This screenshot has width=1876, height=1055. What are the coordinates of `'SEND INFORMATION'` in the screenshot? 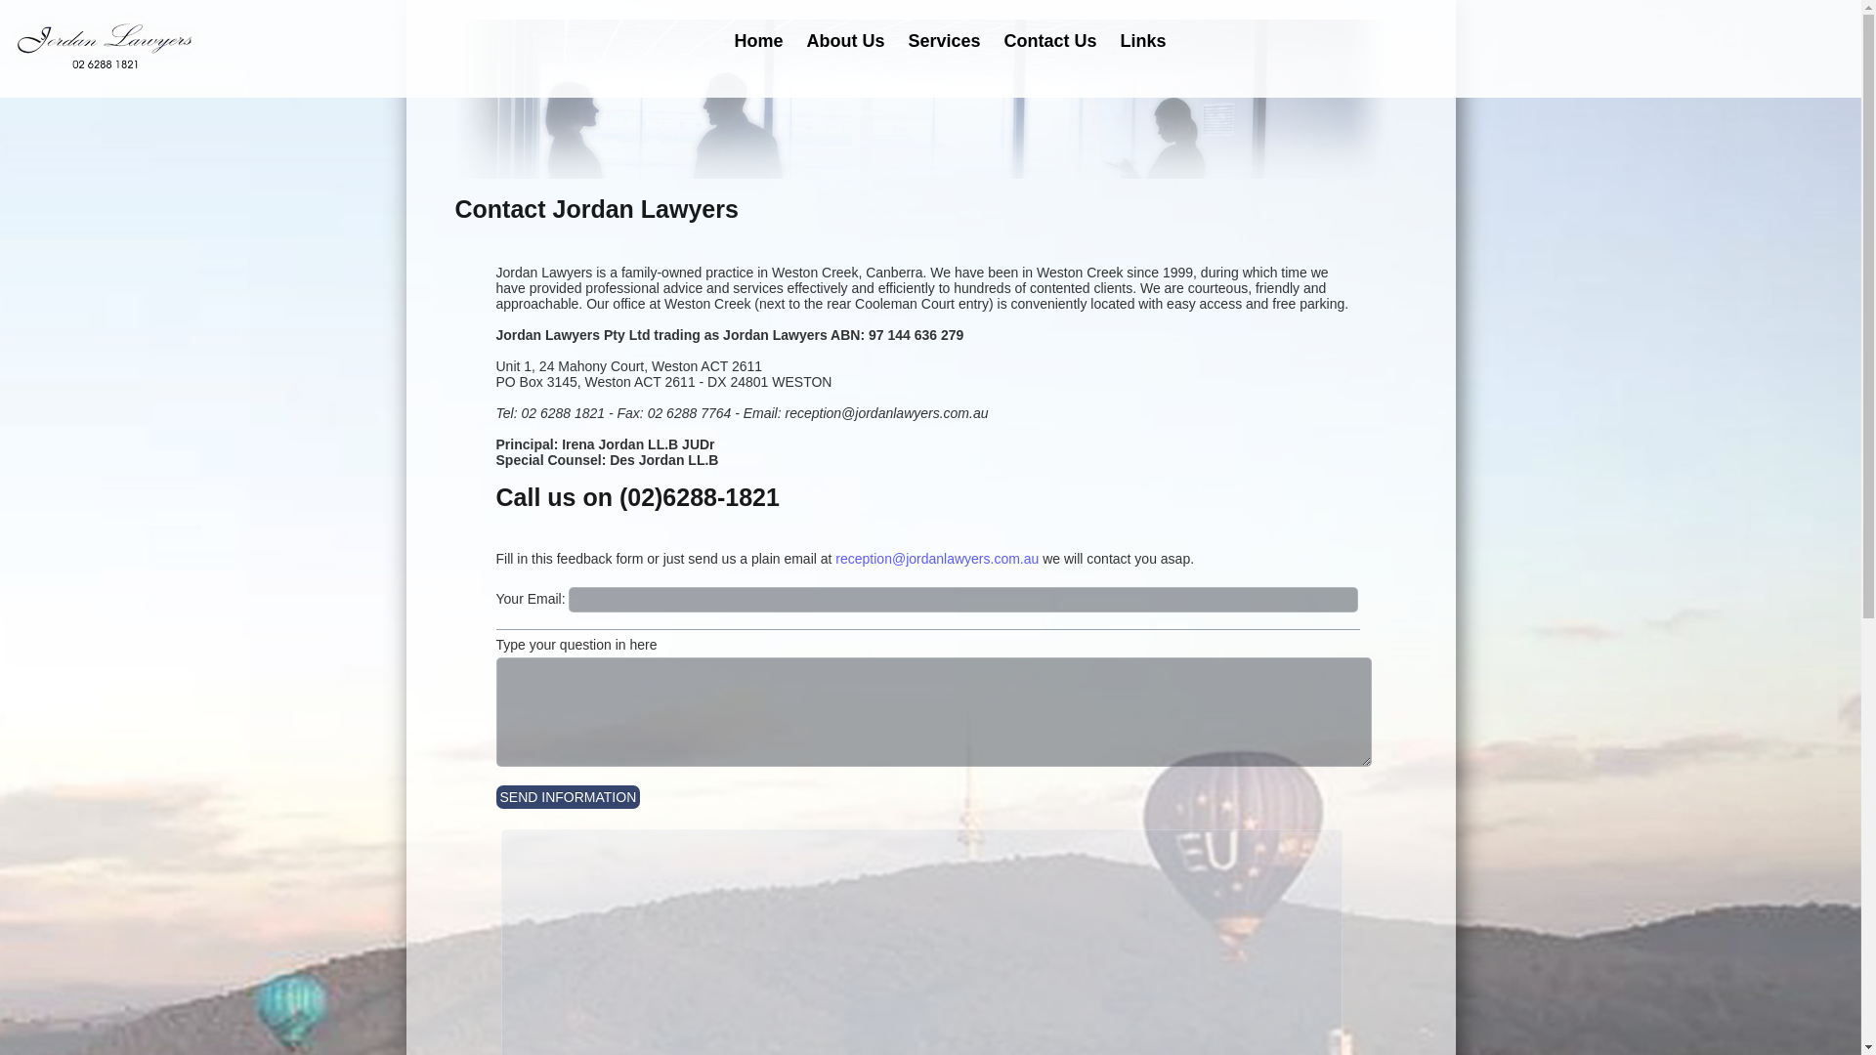 It's located at (496, 797).